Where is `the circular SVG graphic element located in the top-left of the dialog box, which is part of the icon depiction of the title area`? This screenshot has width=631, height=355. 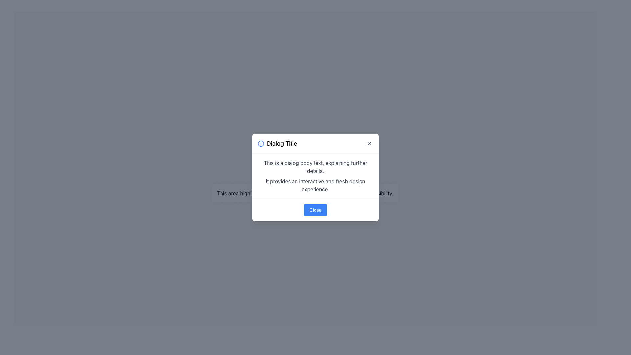 the circular SVG graphic element located in the top-left of the dialog box, which is part of the icon depiction of the title area is located at coordinates (260, 143).